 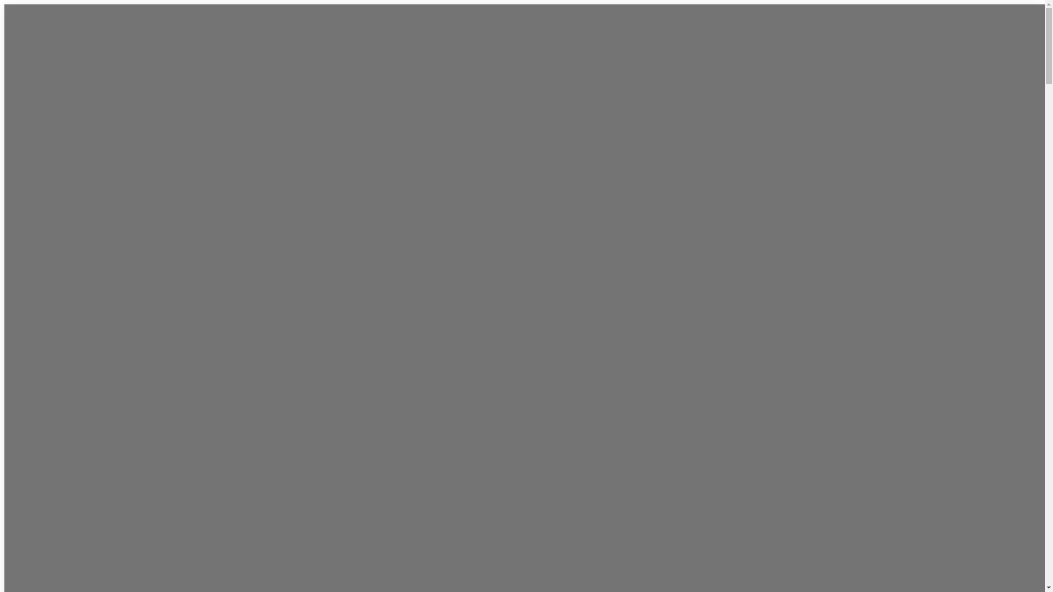 What do you see at coordinates (524, 55) in the screenshot?
I see `'What We Do'` at bounding box center [524, 55].